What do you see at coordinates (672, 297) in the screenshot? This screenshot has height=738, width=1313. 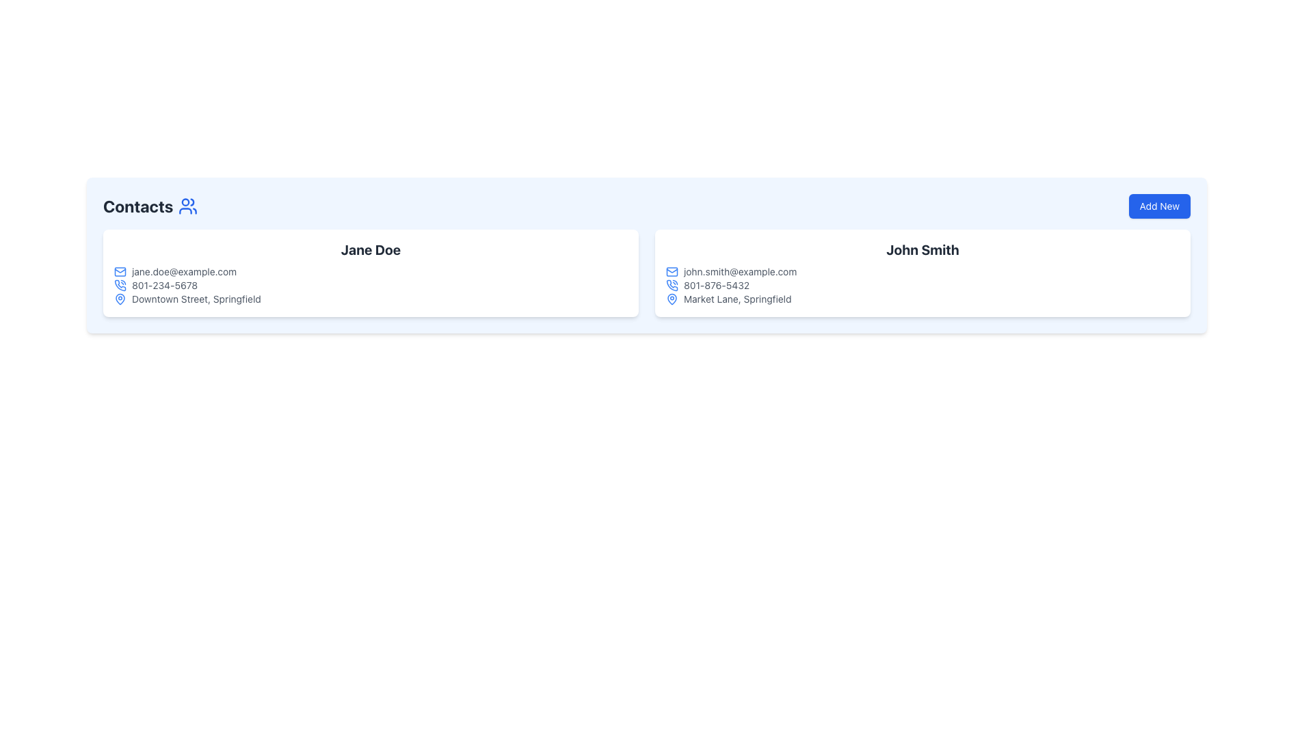 I see `the blue map pin icon located next to the address text under John Smith's contact information in the second column of the contact list` at bounding box center [672, 297].